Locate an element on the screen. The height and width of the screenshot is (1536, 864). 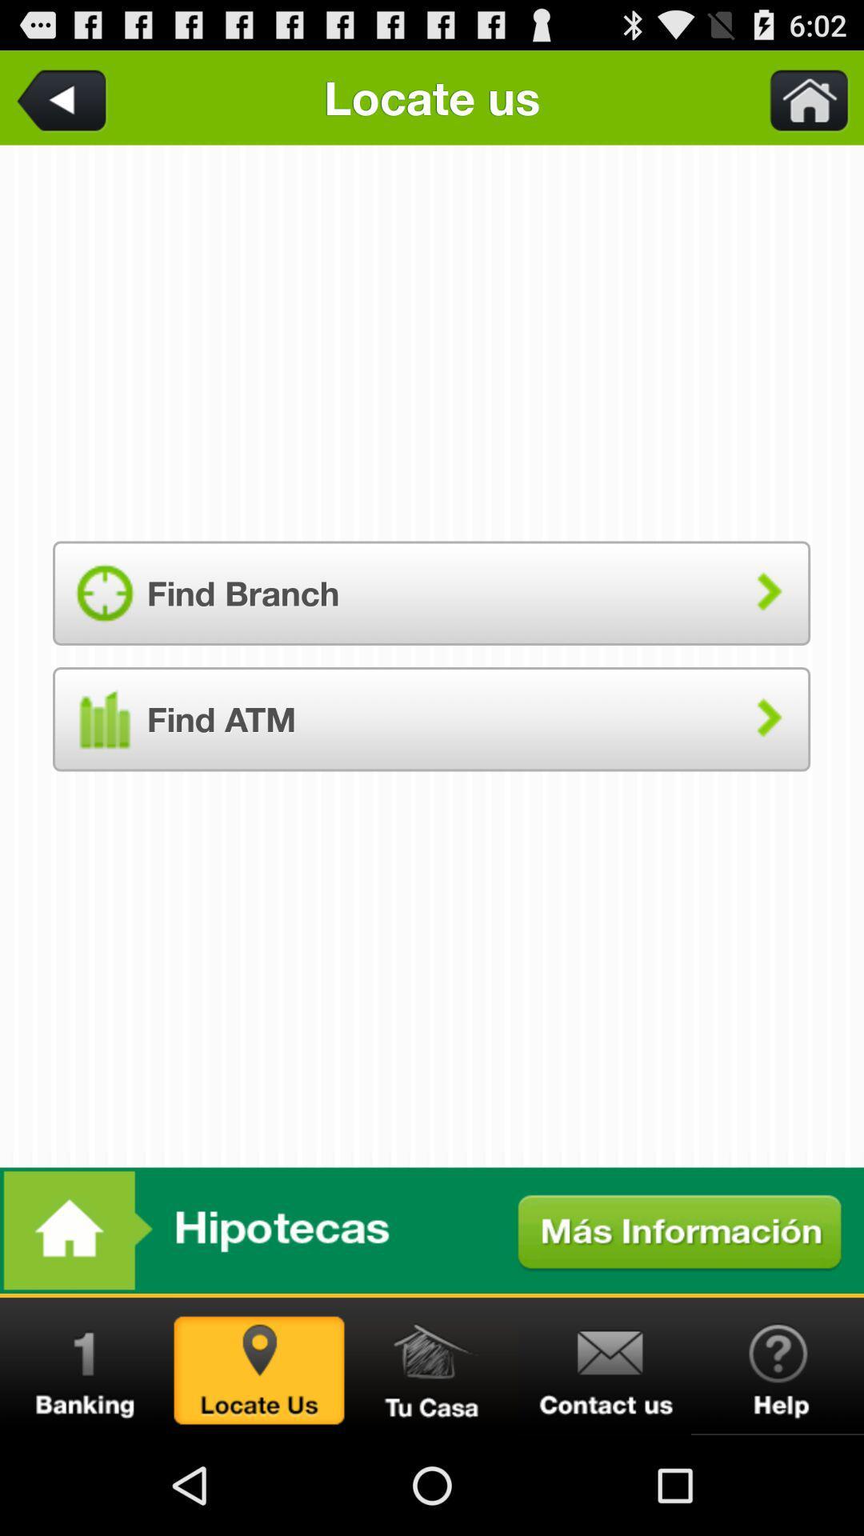
home is located at coordinates (799, 97).